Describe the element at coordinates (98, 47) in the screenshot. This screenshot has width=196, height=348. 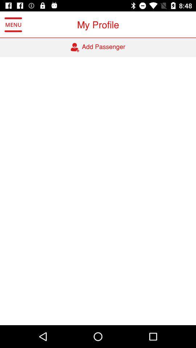
I see `the icon below the my profile` at that location.